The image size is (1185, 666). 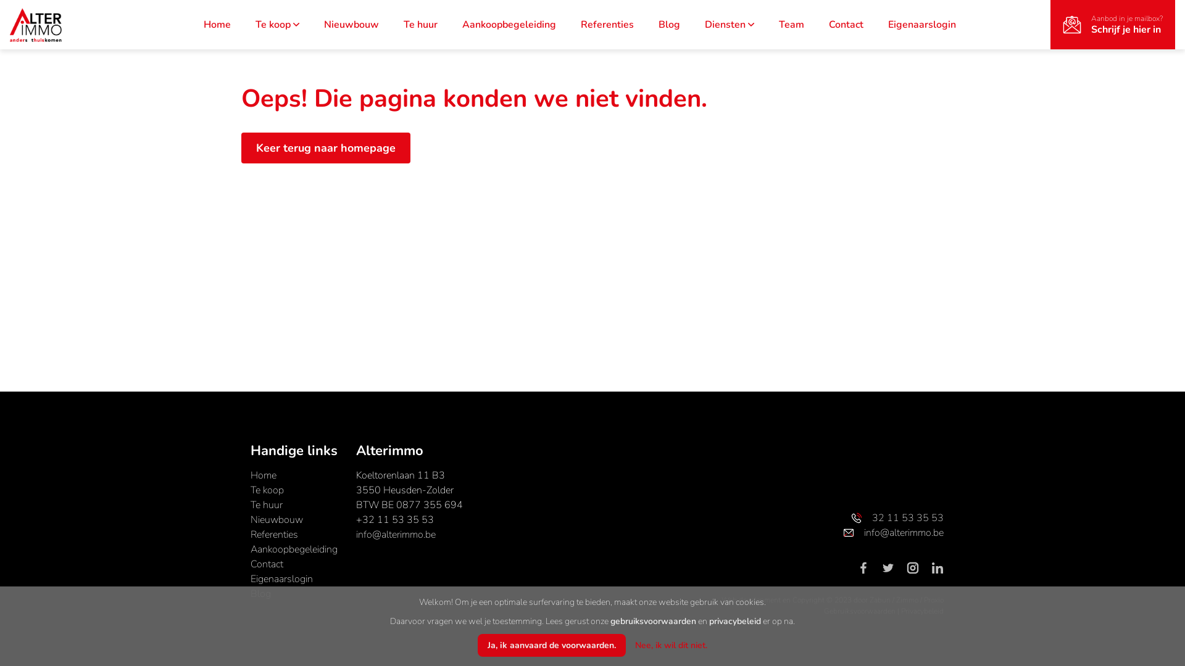 What do you see at coordinates (461, 24) in the screenshot?
I see `'Aankoopbegeleiding'` at bounding box center [461, 24].